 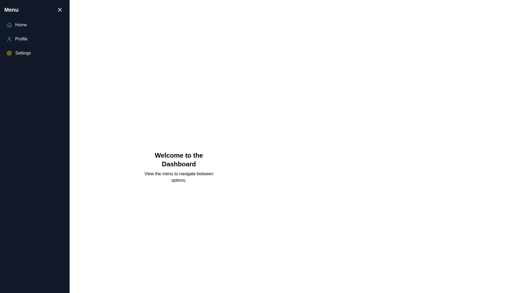 What do you see at coordinates (179, 177) in the screenshot?
I see `text block that provides additional context or instructions to the user, located below the 'Welcome to the Dashboard' header` at bounding box center [179, 177].